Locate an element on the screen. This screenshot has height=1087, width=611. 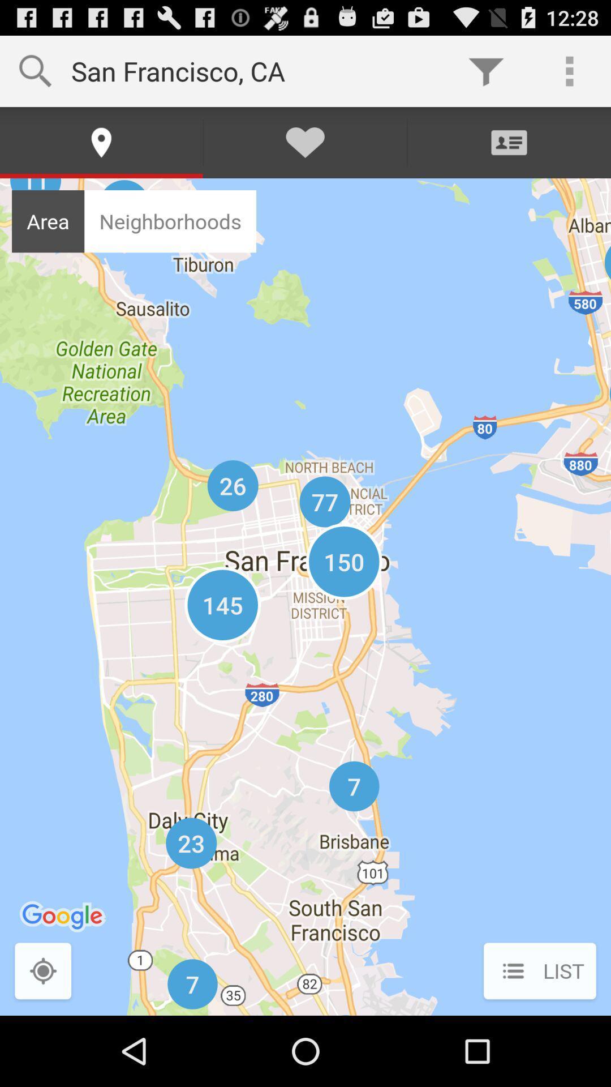
icon to the left of list is located at coordinates (42, 972).